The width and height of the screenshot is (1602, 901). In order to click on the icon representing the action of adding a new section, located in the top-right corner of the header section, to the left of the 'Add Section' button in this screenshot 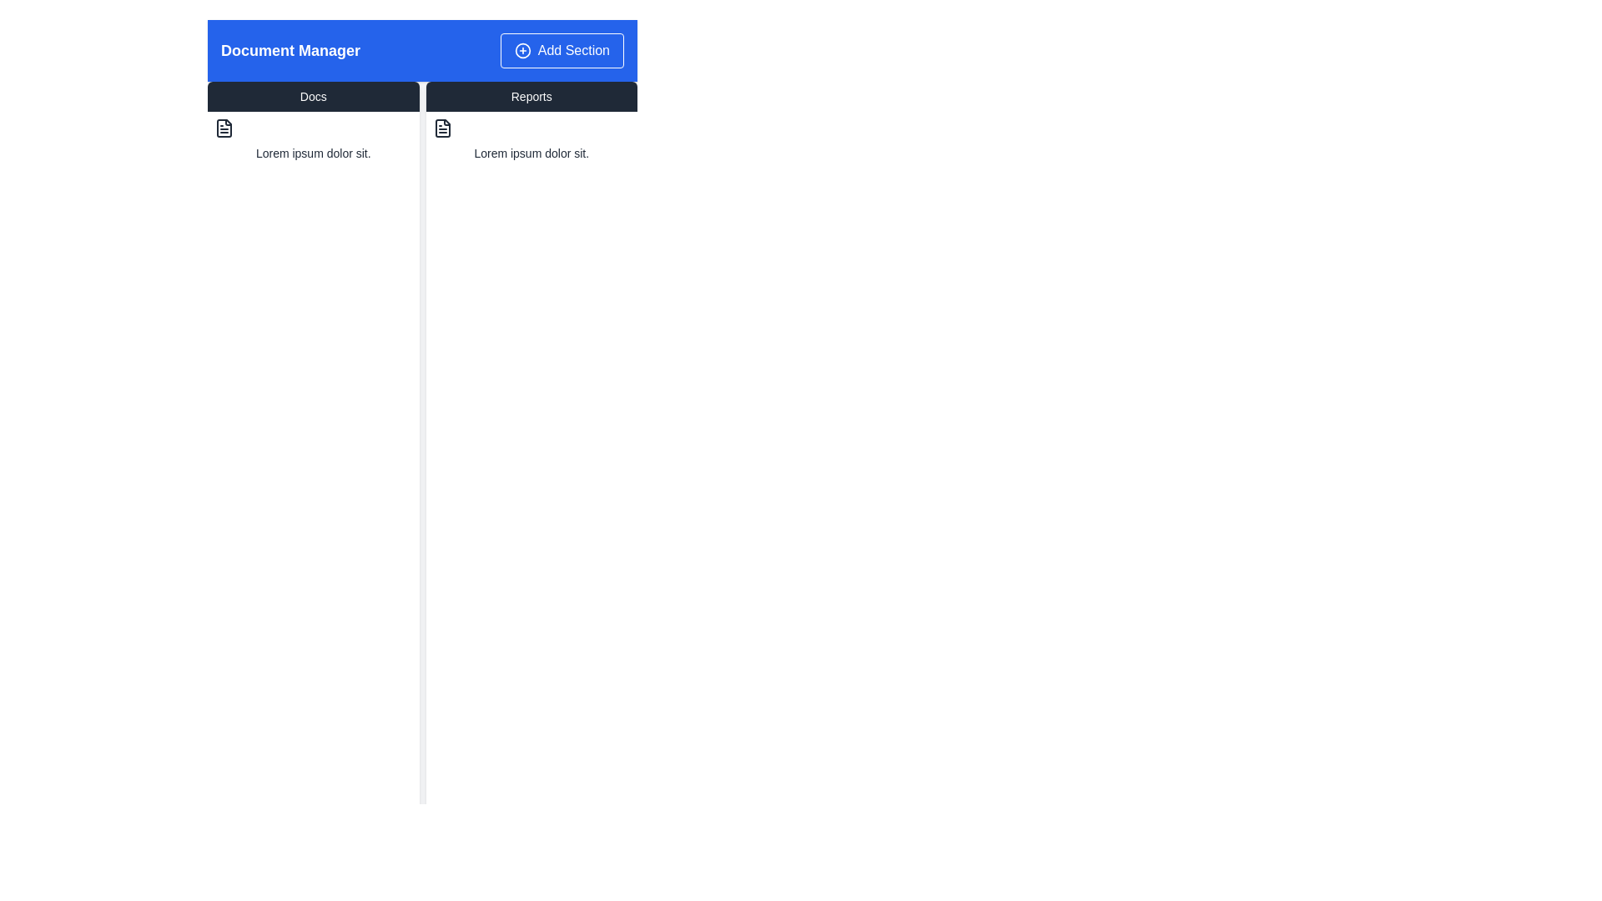, I will do `click(521, 50)`.